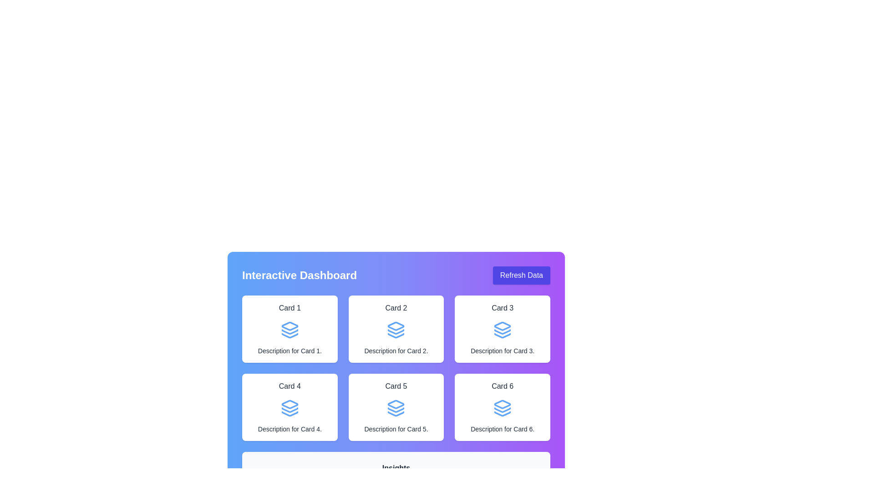 Image resolution: width=874 pixels, height=491 pixels. Describe the element at coordinates (396, 408) in the screenshot. I see `the blue, stylized layers icon located in the center of 'Card 5' in the second row and second column of the grid` at that location.